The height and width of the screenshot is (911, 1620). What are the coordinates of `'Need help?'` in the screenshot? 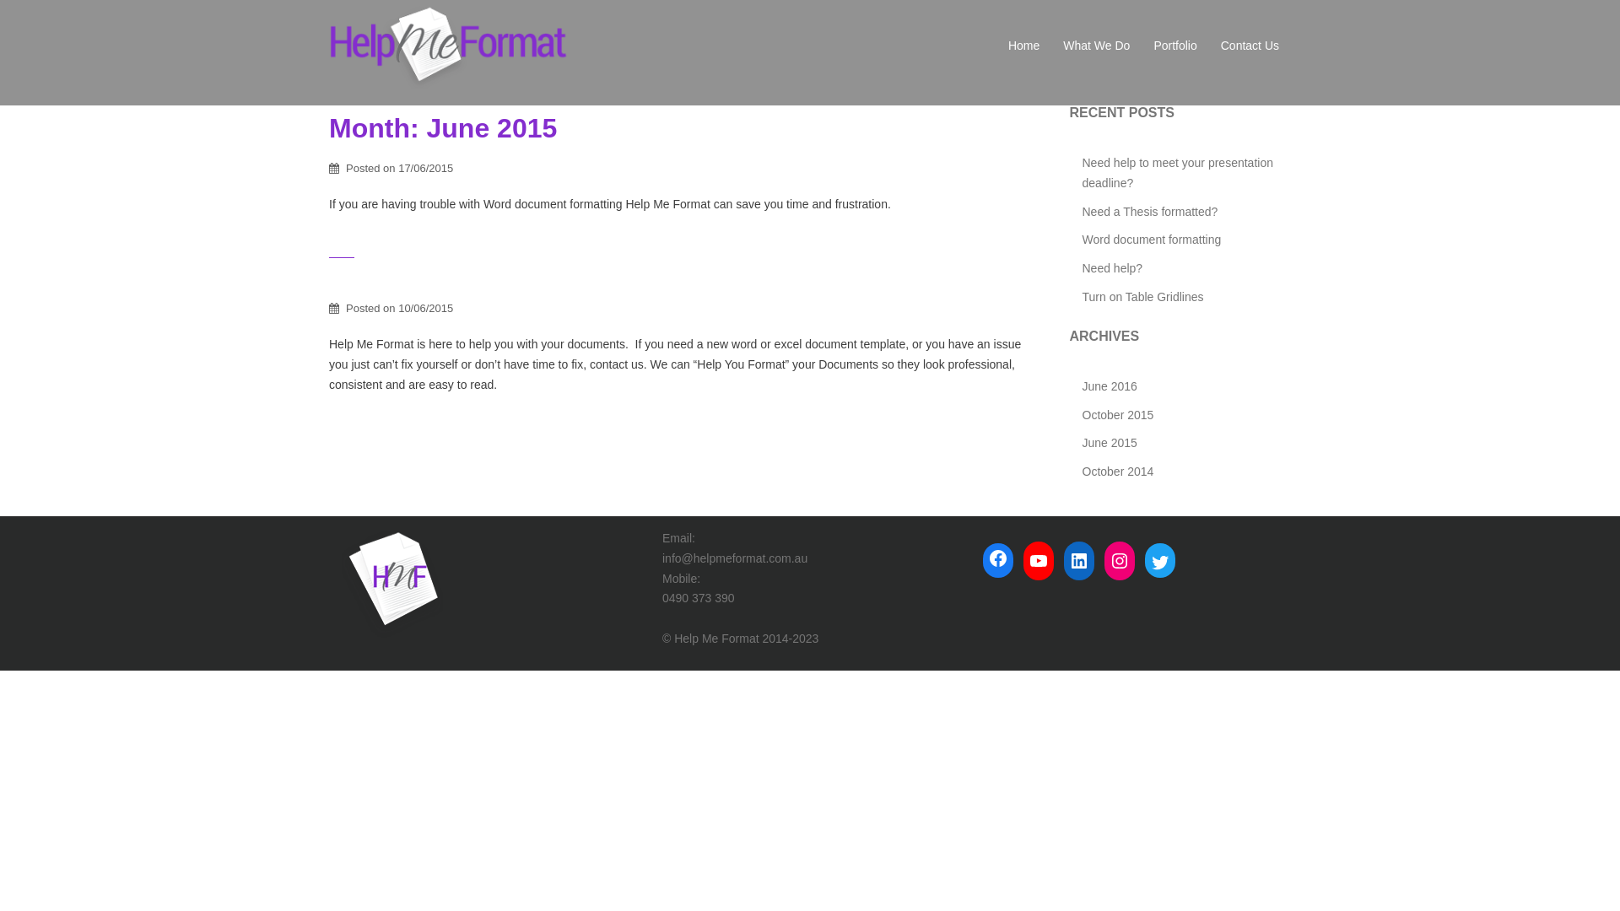 It's located at (1112, 267).